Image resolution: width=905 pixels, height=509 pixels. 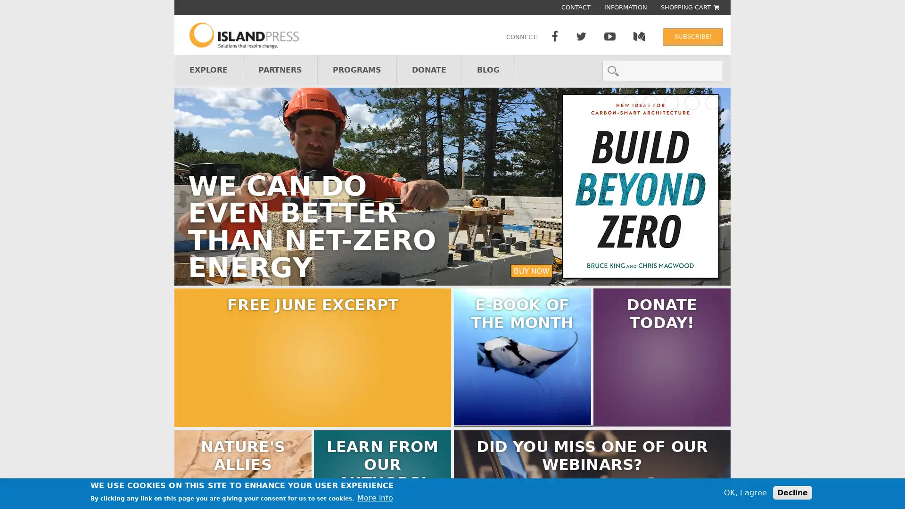 What do you see at coordinates (745, 492) in the screenshot?
I see `OK, I agree` at bounding box center [745, 492].